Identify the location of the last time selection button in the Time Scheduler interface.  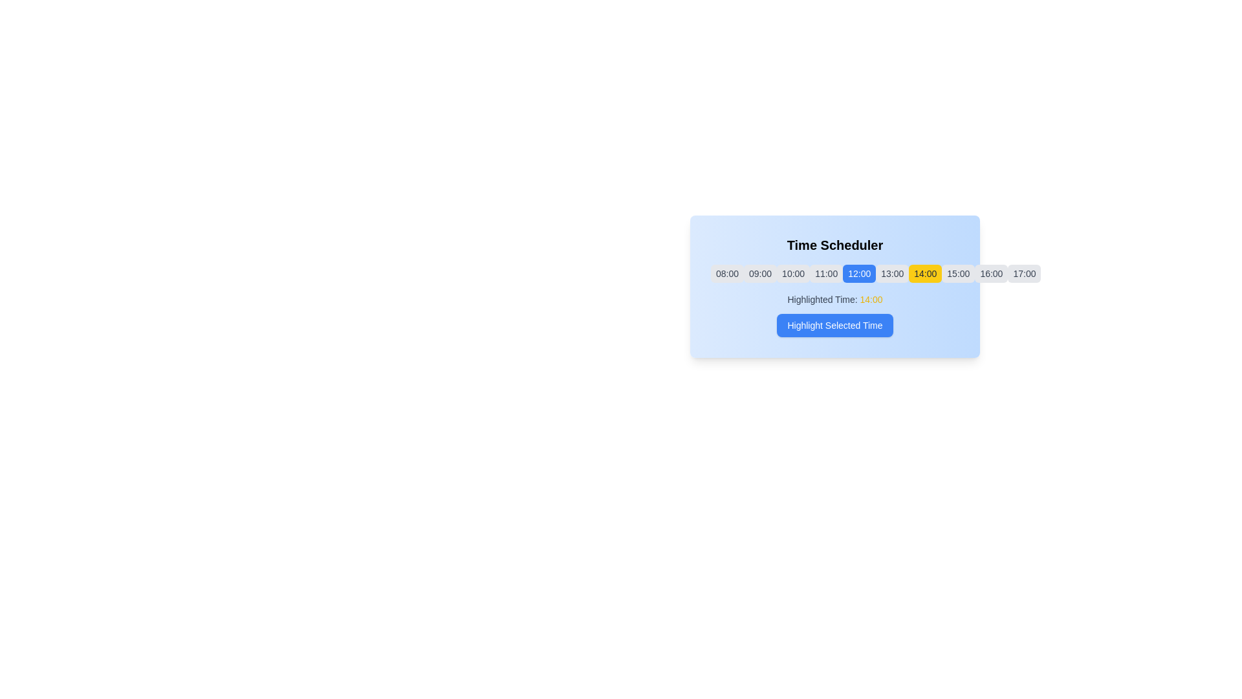
(1024, 273).